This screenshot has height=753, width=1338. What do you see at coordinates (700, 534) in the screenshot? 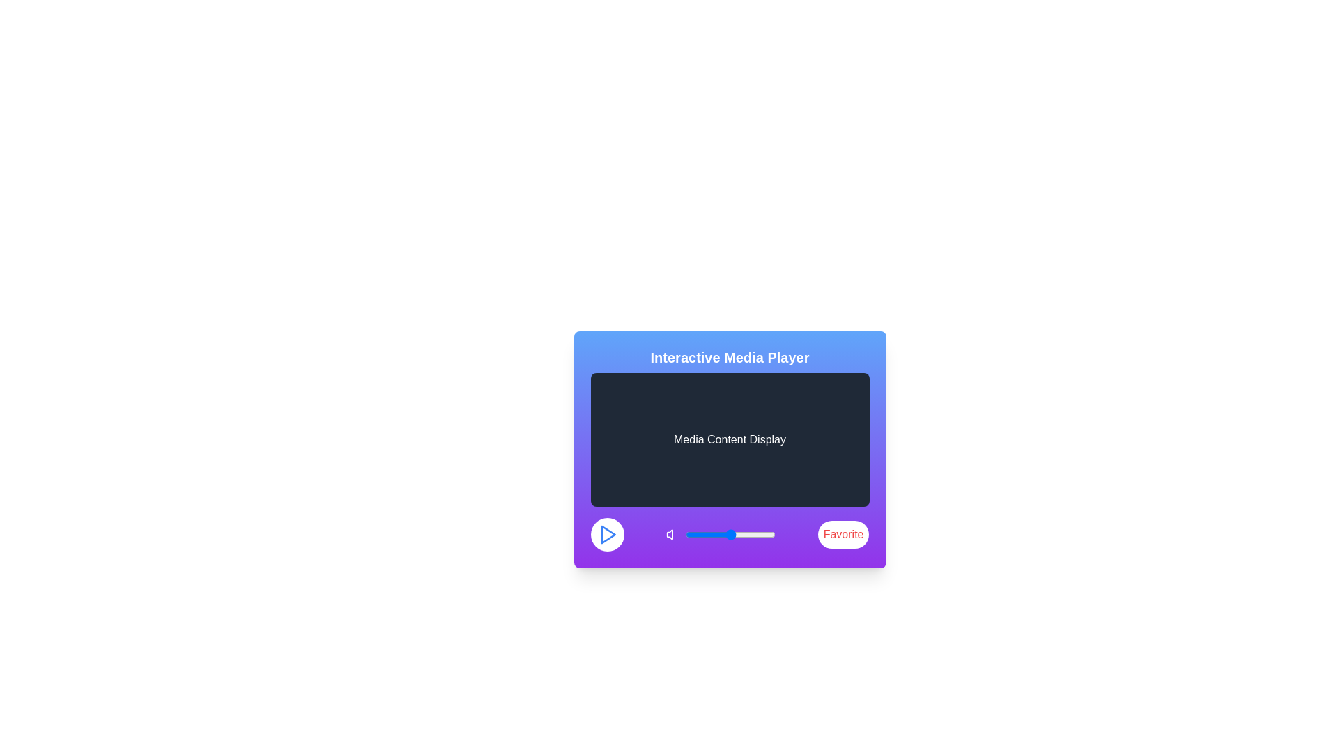
I see `the slider` at bounding box center [700, 534].